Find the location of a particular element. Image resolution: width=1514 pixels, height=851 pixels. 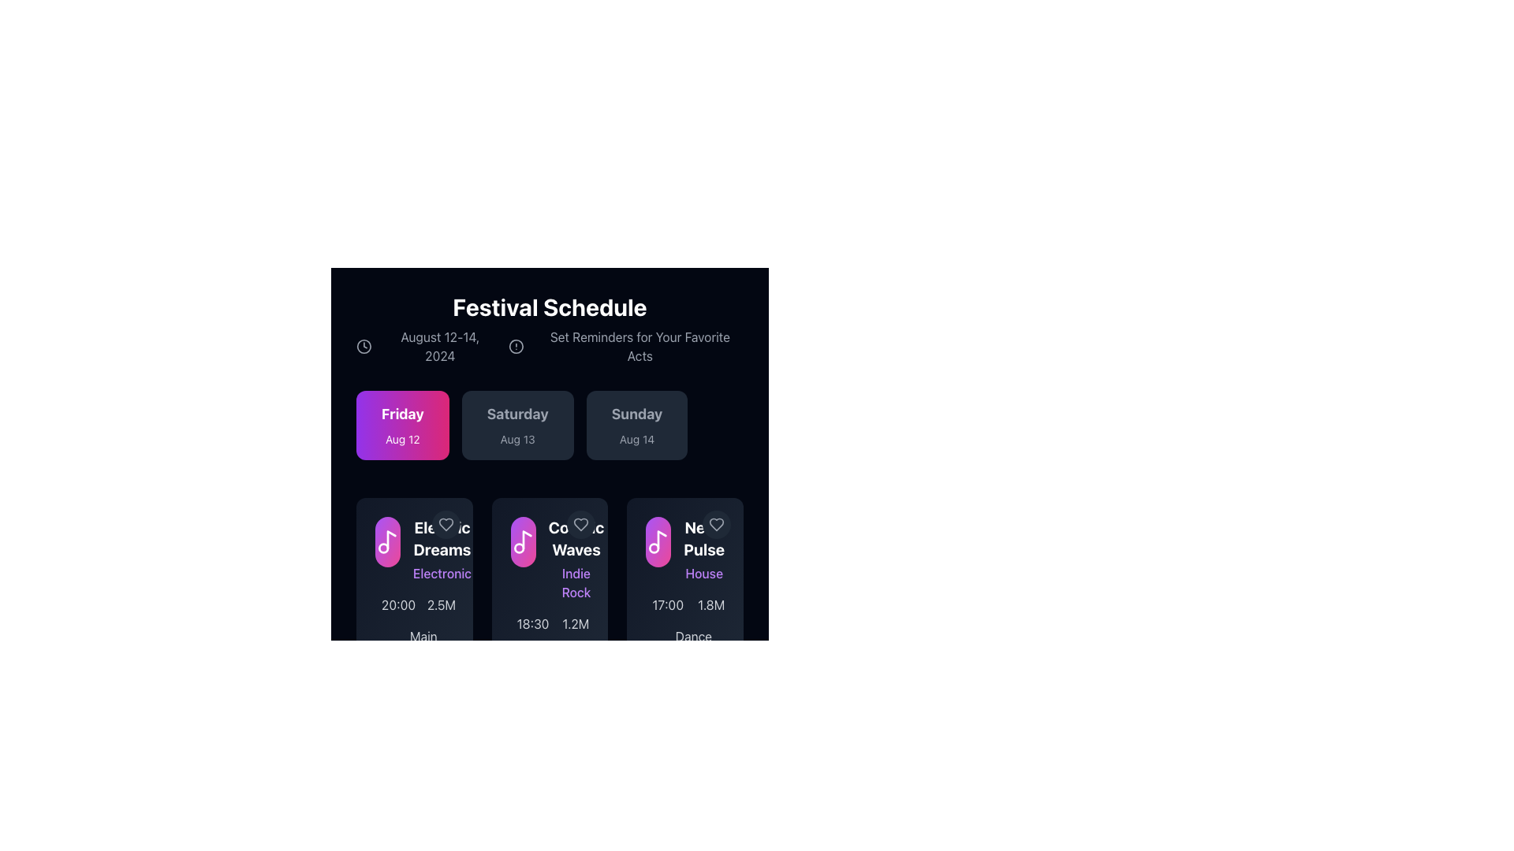

the 'Main Stage' text label, which is rendered in light gray color and positioned to the right of a map pin icon in a modern layout is located at coordinates (414, 646).